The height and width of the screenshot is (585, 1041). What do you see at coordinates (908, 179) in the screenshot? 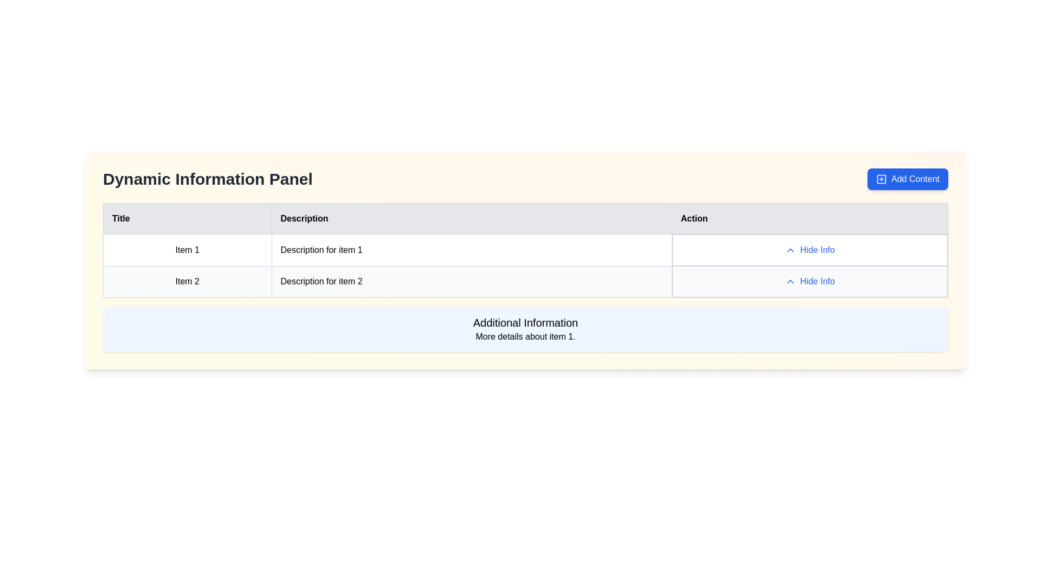
I see `the blue 'Add Content' button with white text and a plus icon located at the top-right of the 'Dynamic Information Panel'` at bounding box center [908, 179].